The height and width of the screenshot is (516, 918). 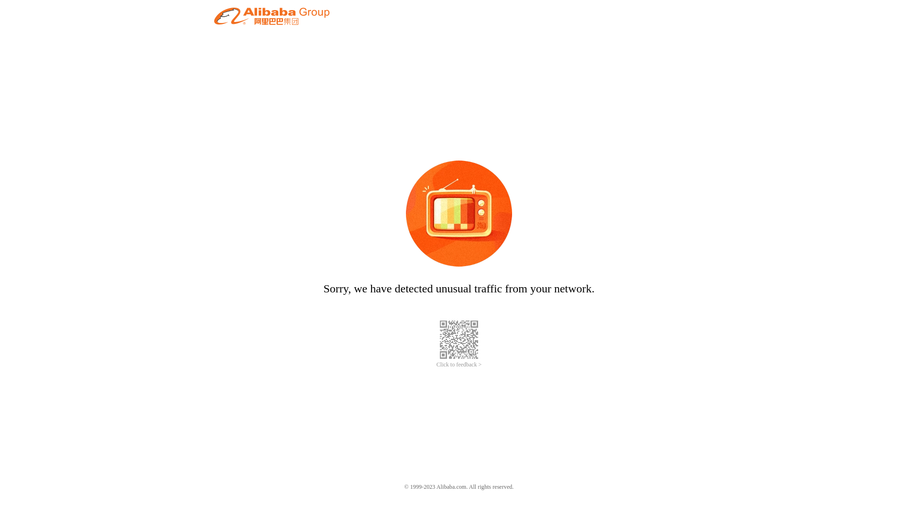 I want to click on 'Click to feedback >', so click(x=436, y=365).